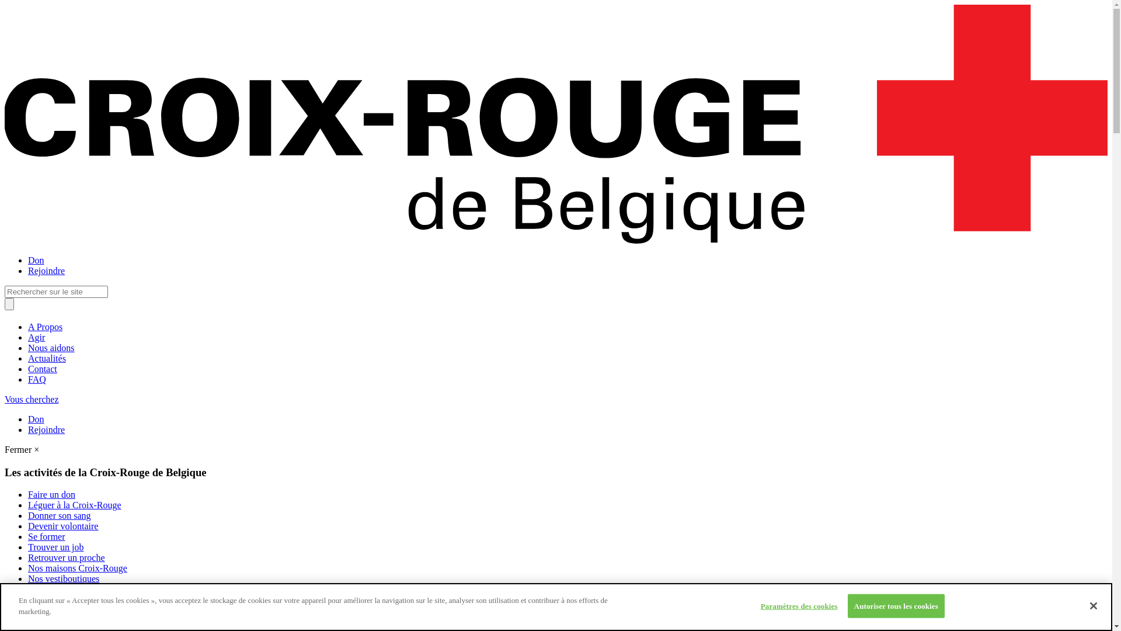 This screenshot has width=1121, height=631. I want to click on 'Retrouver un proche', so click(28, 557).